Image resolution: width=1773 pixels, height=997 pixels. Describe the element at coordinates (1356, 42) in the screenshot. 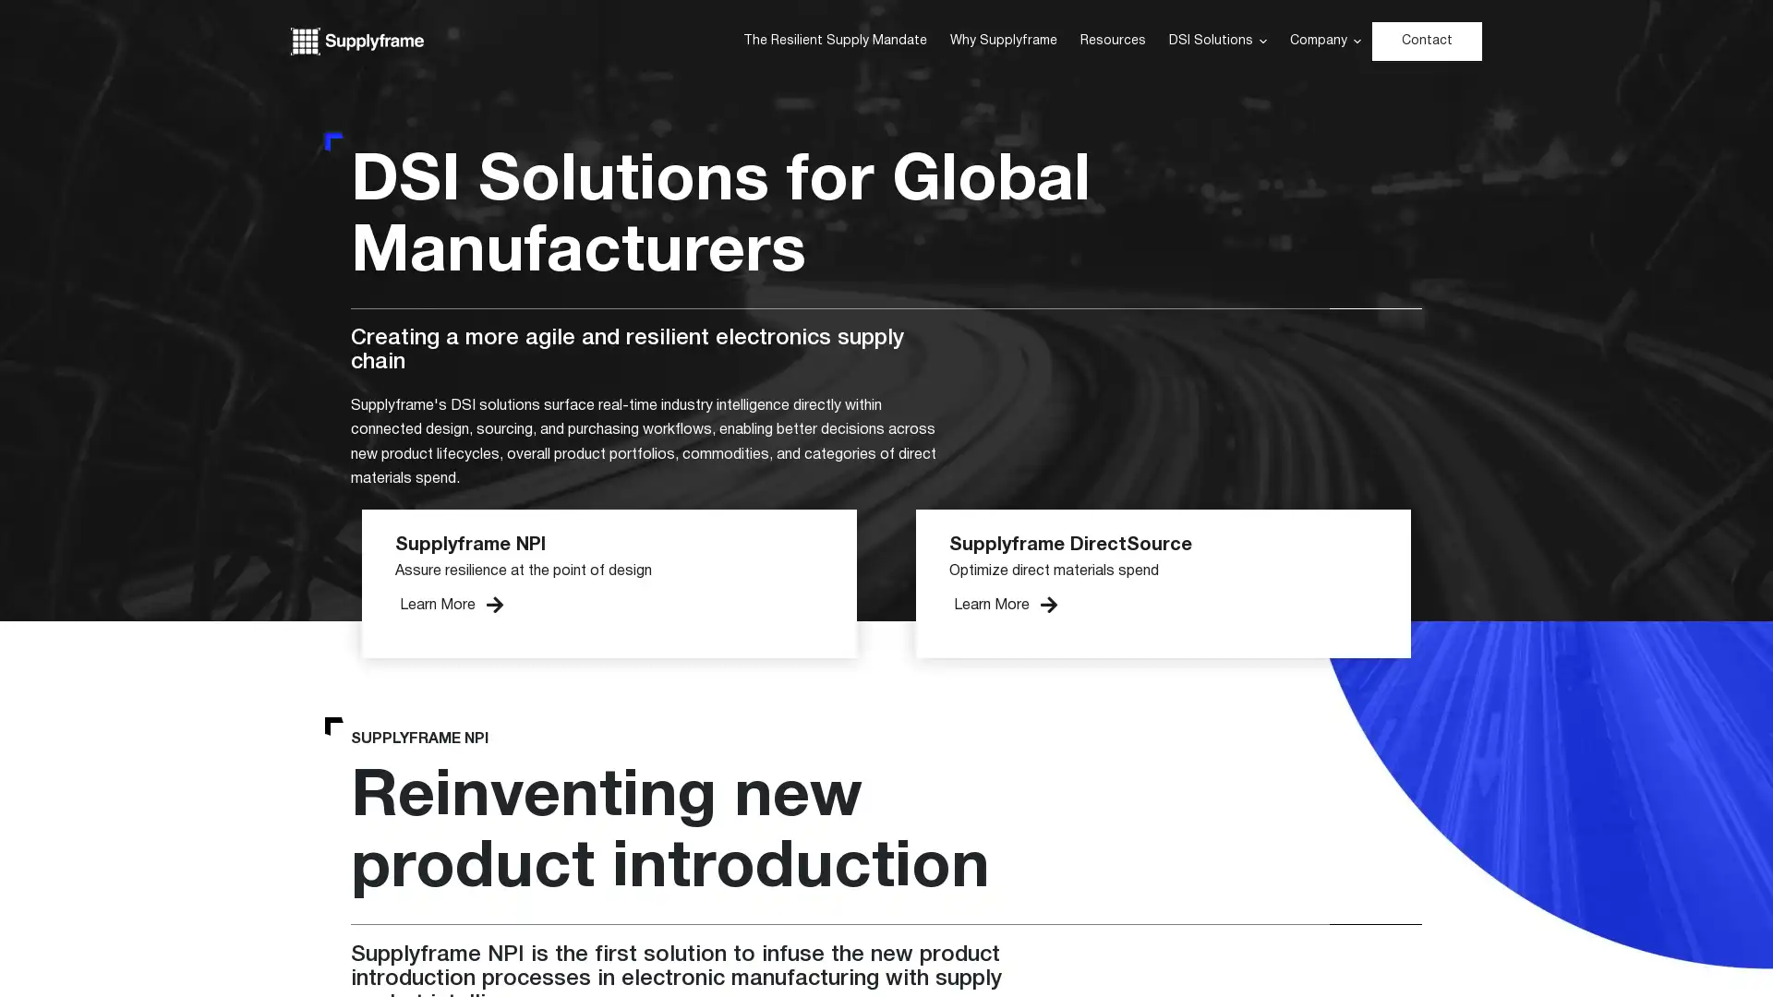

I see `Menu dropdown indicator` at that location.